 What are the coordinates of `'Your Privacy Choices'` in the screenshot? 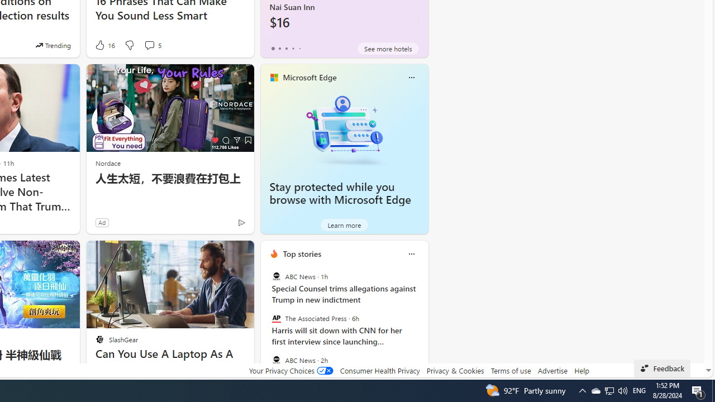 It's located at (290, 370).